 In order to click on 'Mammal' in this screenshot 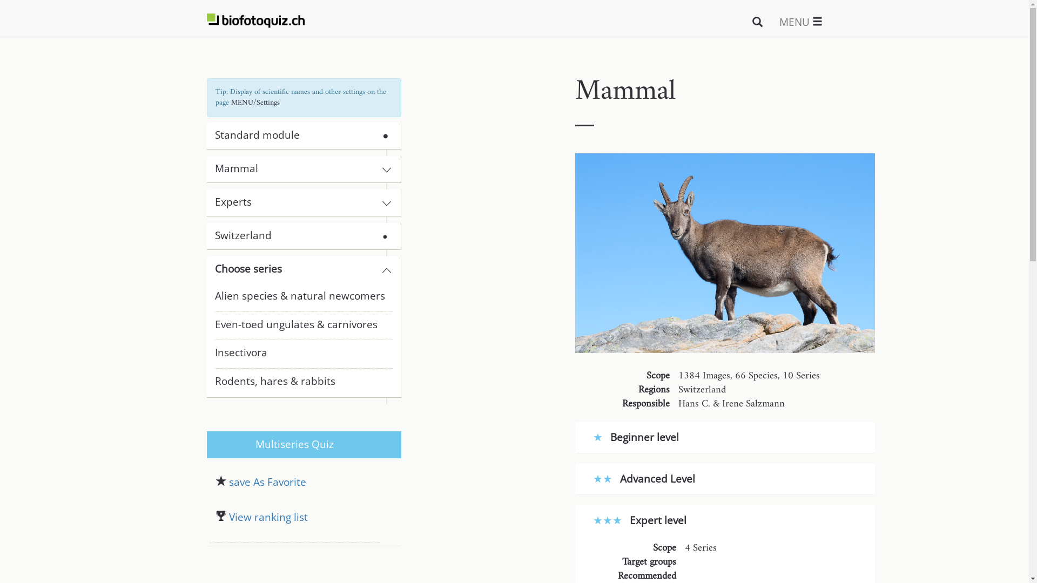, I will do `click(295, 168)`.